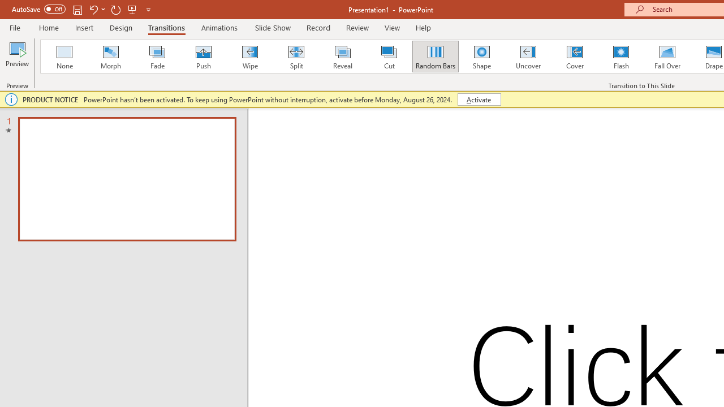 The width and height of the screenshot is (724, 407). I want to click on 'Uncover', so click(528, 57).